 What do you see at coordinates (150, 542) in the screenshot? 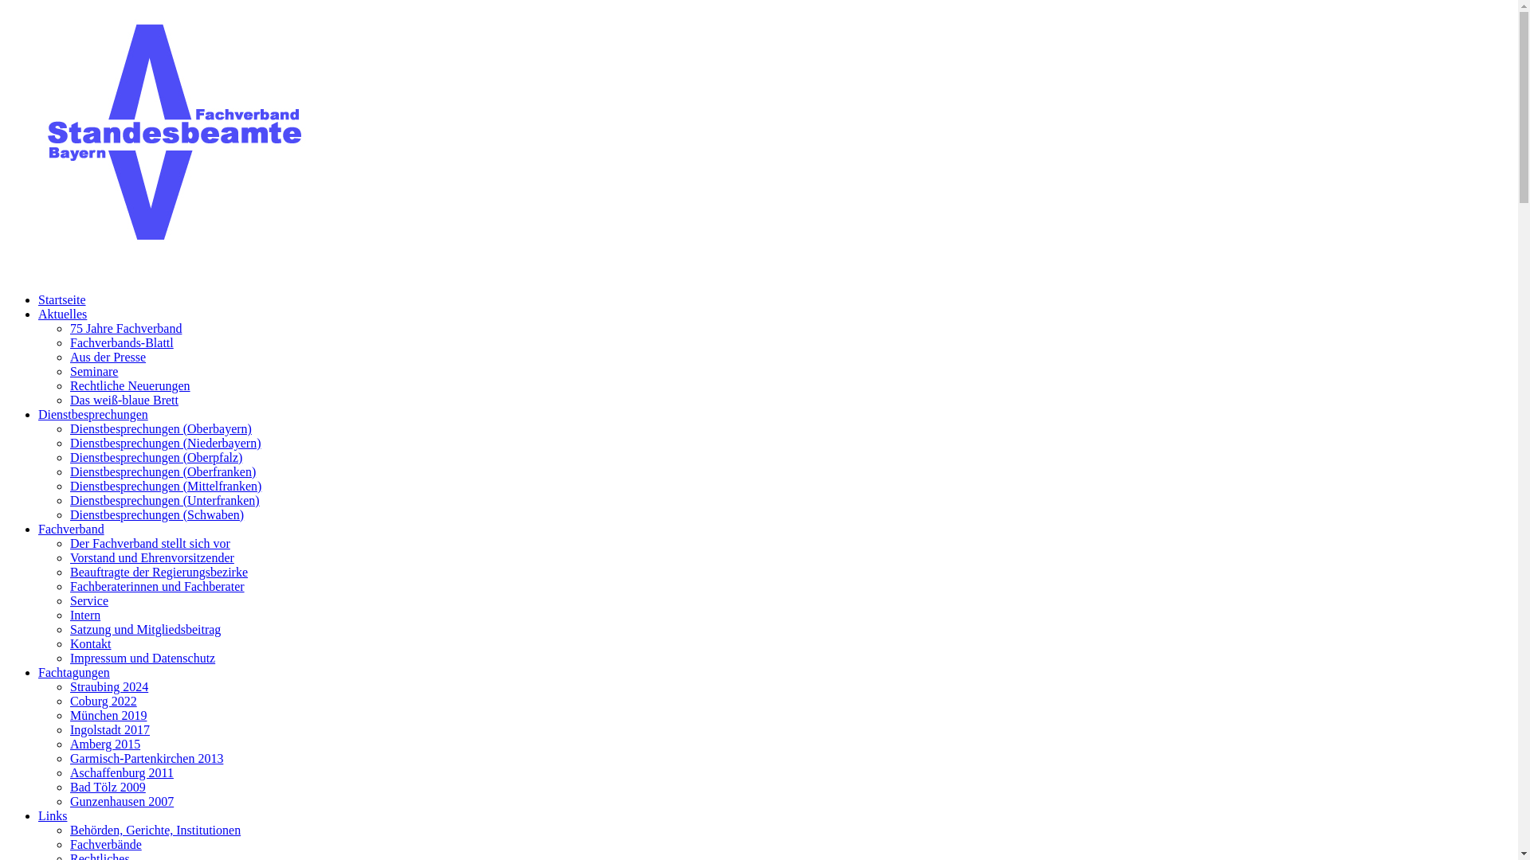
I see `'Der Fachverband stellt sich vor'` at bounding box center [150, 542].